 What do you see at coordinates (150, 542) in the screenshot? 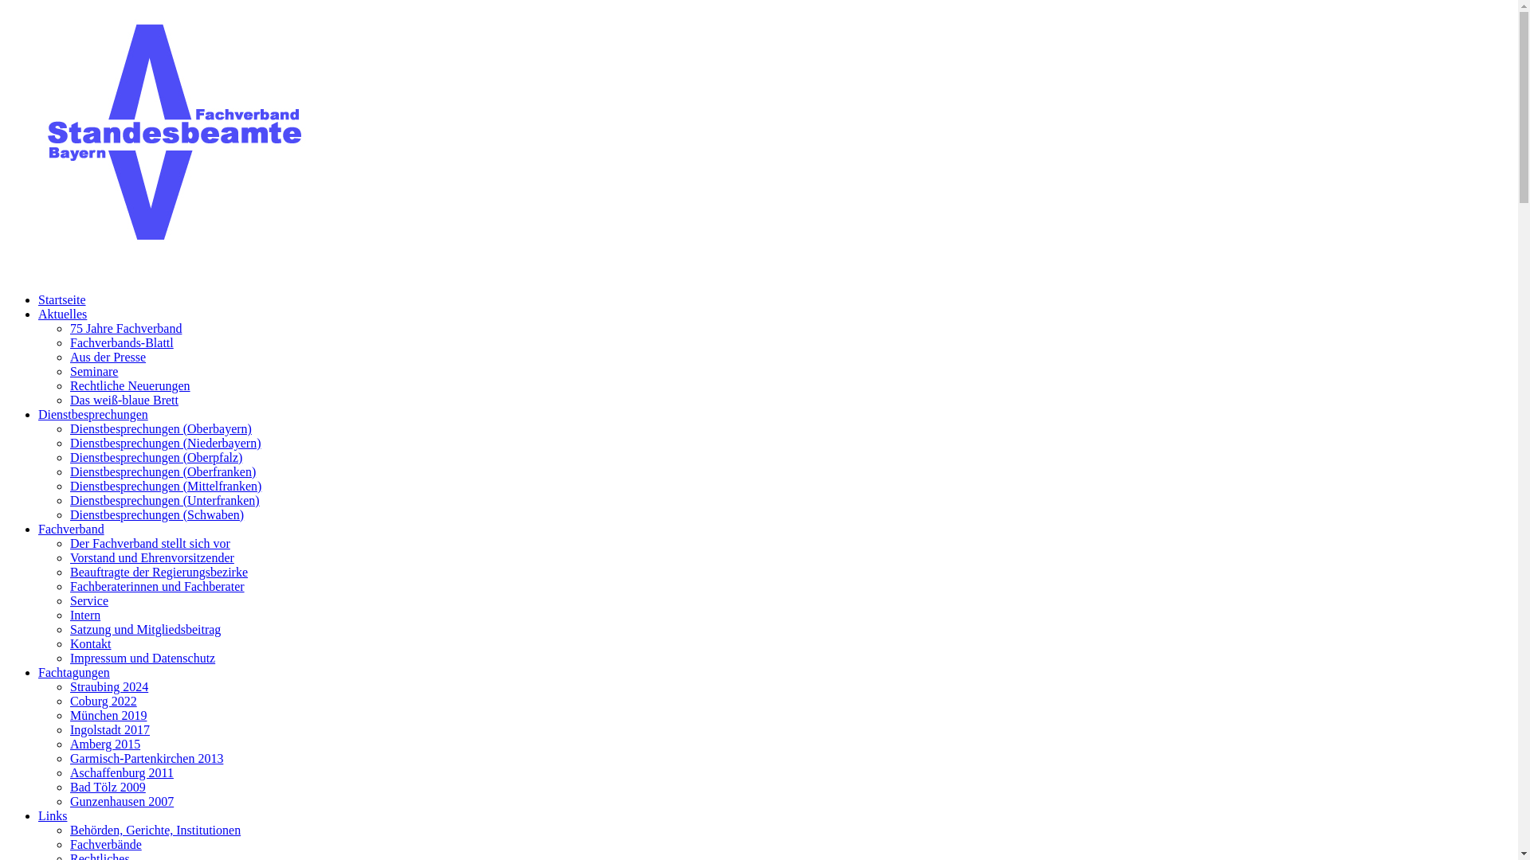
I see `'Der Fachverband stellt sich vor'` at bounding box center [150, 542].